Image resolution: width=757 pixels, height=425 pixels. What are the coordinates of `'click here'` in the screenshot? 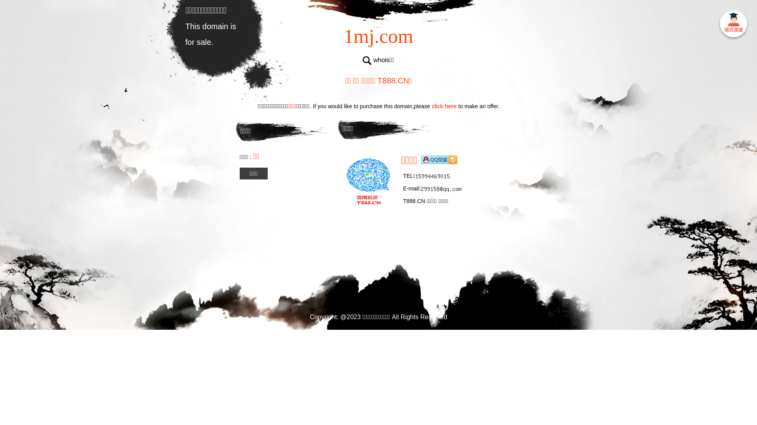 It's located at (429, 105).